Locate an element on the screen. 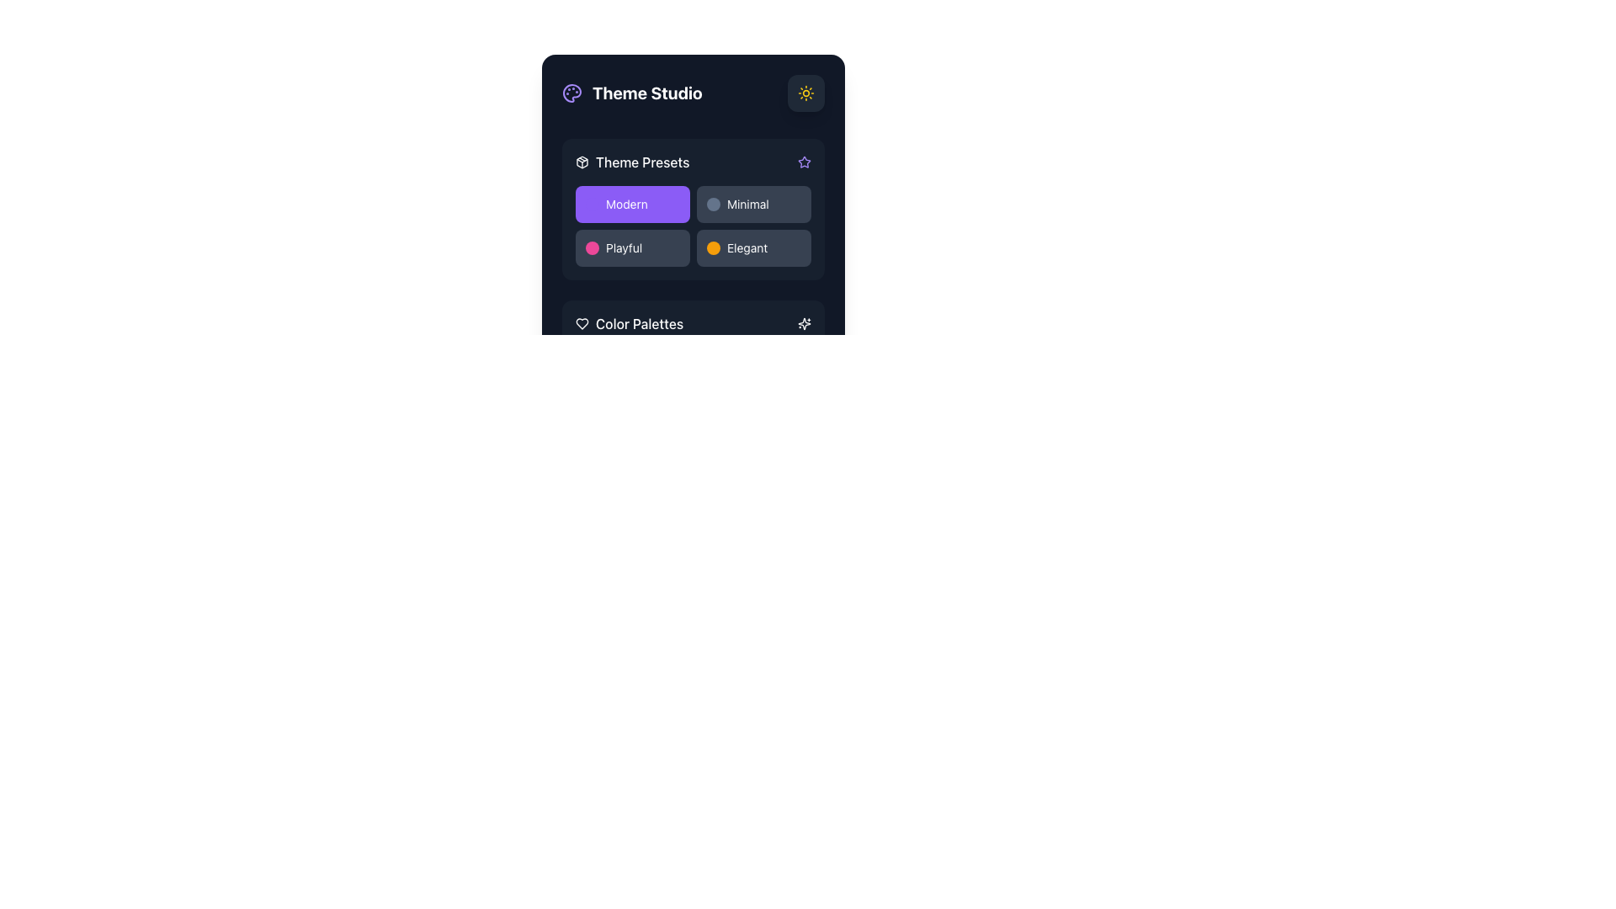 The image size is (1616, 909). the star icon located at the top-right corner of the 'Theme Studio' box is located at coordinates (803, 162).